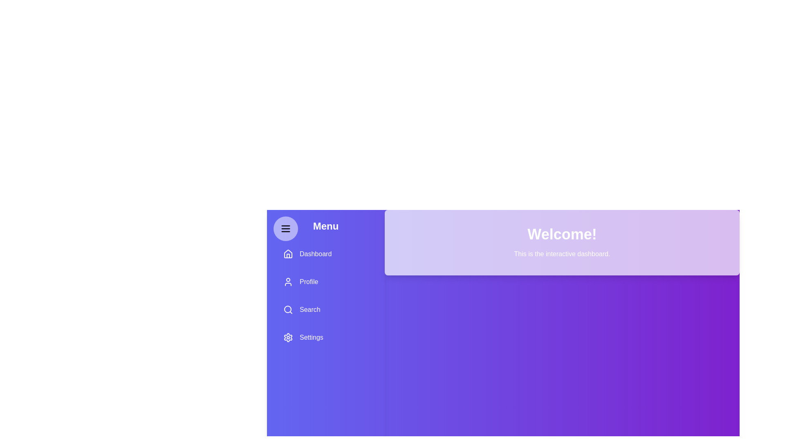 The width and height of the screenshot is (785, 442). What do you see at coordinates (325, 254) in the screenshot?
I see `the menu item Dashboard to observe its hover effect` at bounding box center [325, 254].